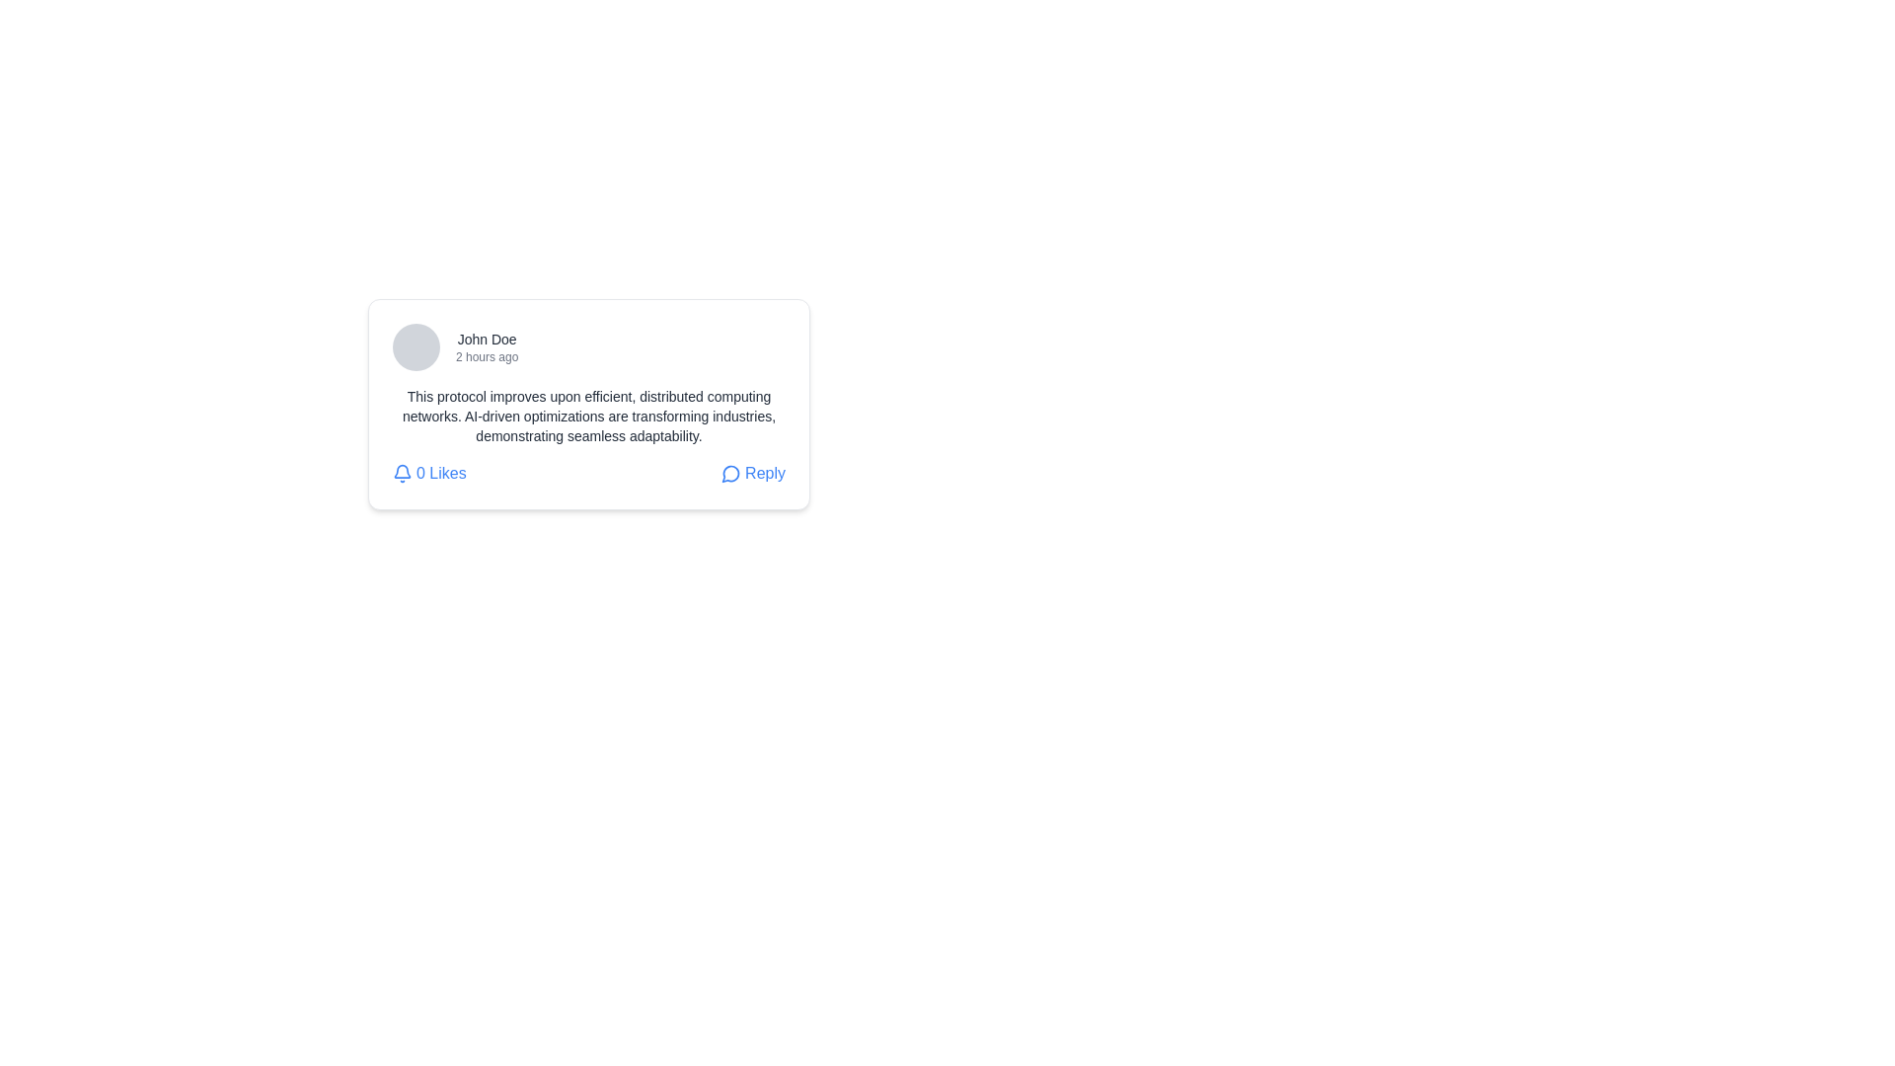 The image size is (1895, 1066). What do you see at coordinates (730, 473) in the screenshot?
I see `the circular icon with a speech bubble symbol outlined in blue, located to the immediate left of the 'Reply' text in the button group at the bottom-right of the comment box` at bounding box center [730, 473].